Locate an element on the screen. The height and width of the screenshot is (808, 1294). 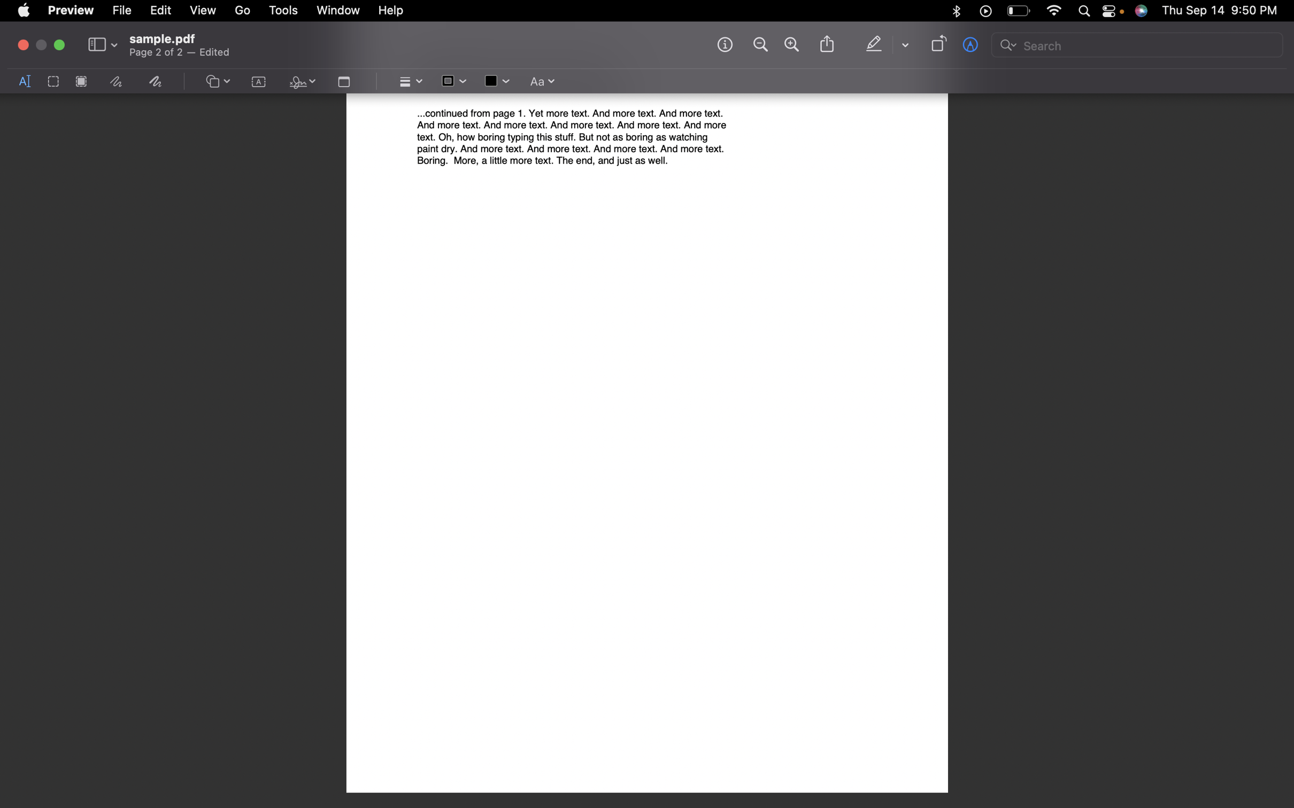
a "redact" action by using pyautogui click is located at coordinates (81, 82).